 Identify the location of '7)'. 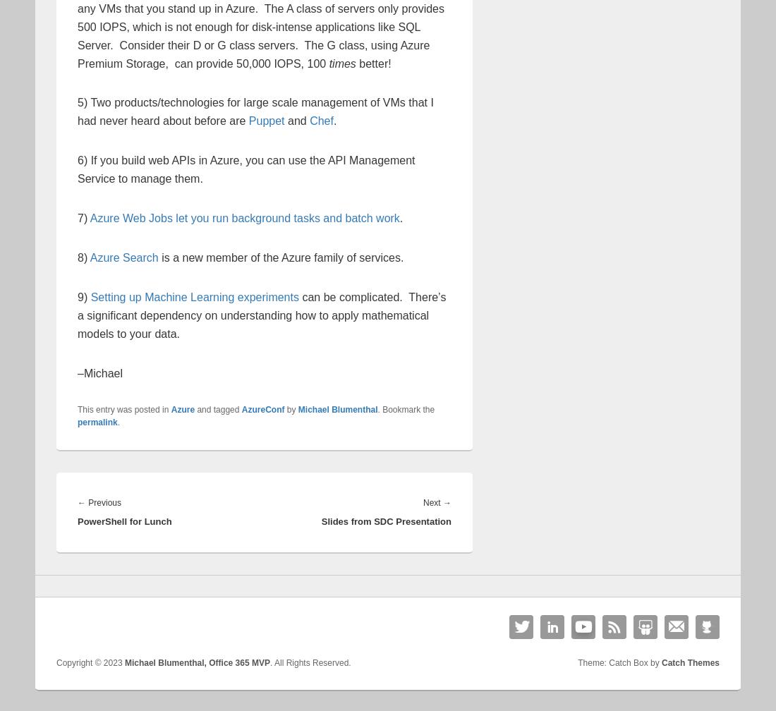
(83, 218).